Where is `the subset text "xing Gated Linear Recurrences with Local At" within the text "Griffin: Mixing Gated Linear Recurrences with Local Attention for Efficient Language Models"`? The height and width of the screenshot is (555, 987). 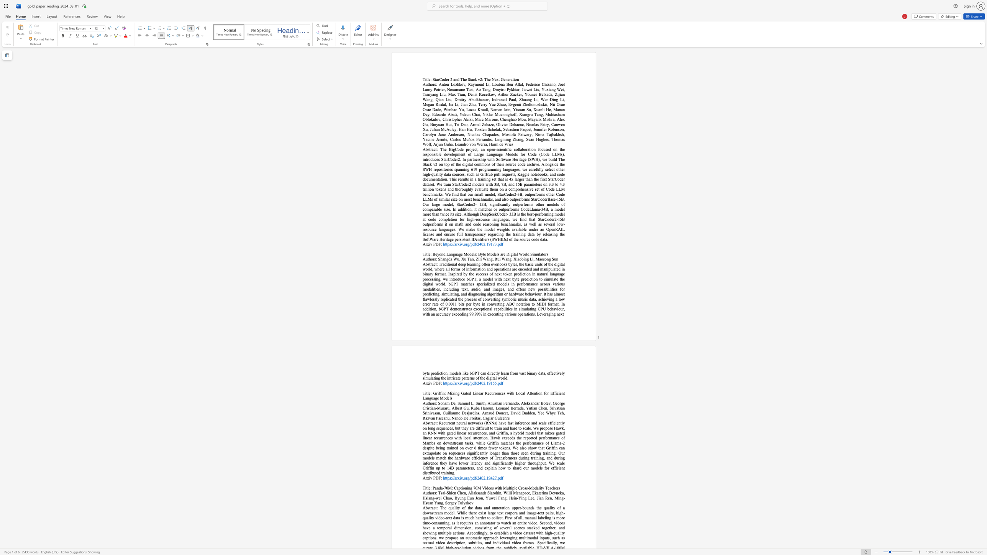
the subset text "xing Gated Linear Recurrences with Local At" within the text "Griffin: Mixing Gated Linear Recurrences with Local Attention for Efficient Language Models" is located at coordinates (452, 393).